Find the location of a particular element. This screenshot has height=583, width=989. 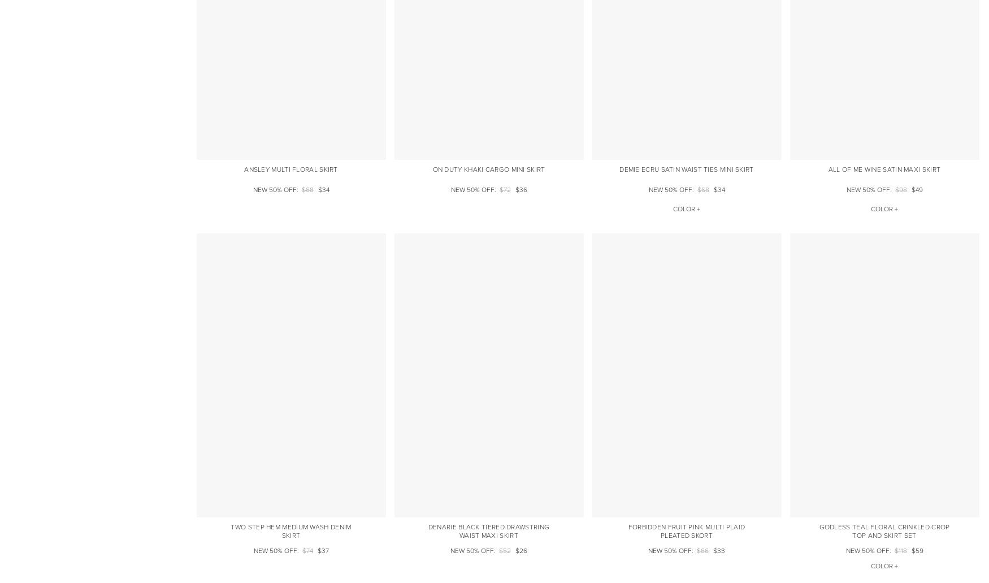

'Godless Teal Floral Crinkled Crop Top and Skirt Set' is located at coordinates (884, 530).